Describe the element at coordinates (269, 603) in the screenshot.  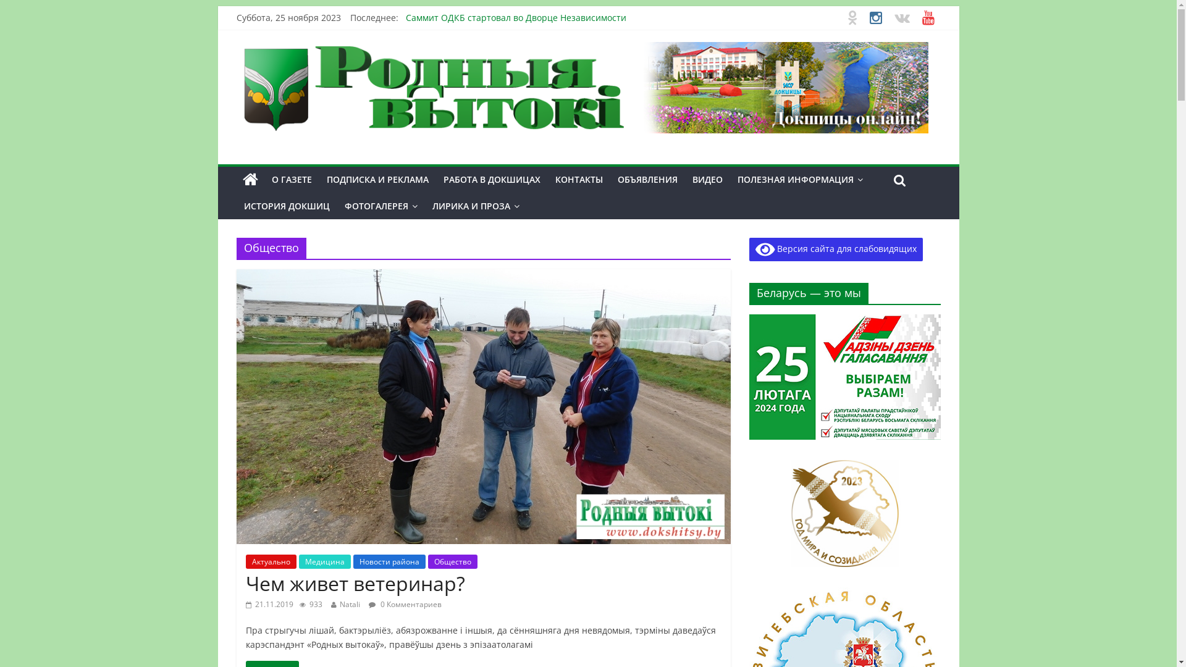
I see `'21.11.2019'` at that location.